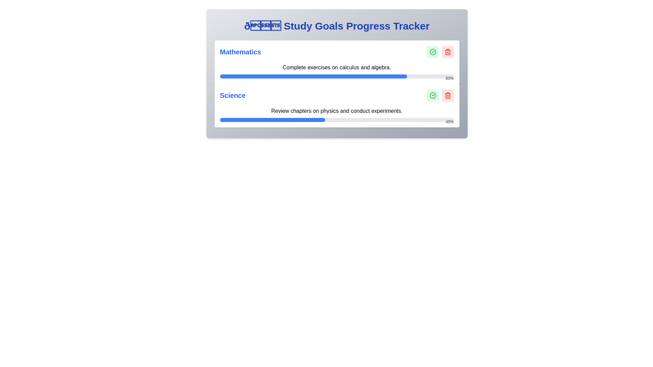 The width and height of the screenshot is (653, 367). Describe the element at coordinates (448, 95) in the screenshot. I see `the red trash icon button located to the far right of the Science section to initiate a delete action` at that location.